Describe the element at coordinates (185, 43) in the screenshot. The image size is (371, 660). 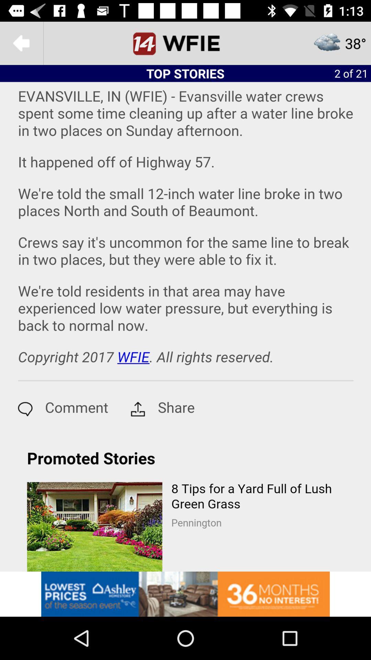
I see `mark` at that location.